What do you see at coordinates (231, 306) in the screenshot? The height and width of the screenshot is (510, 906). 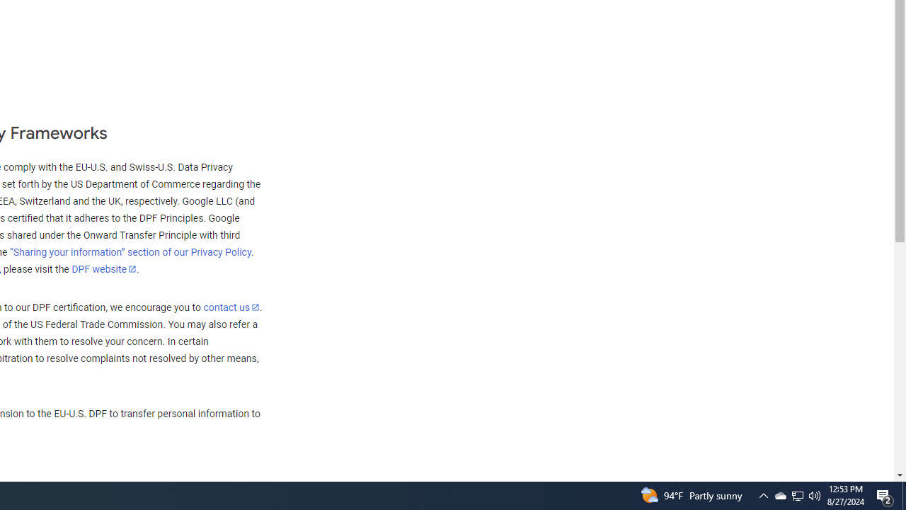 I see `'contact us'` at bounding box center [231, 306].